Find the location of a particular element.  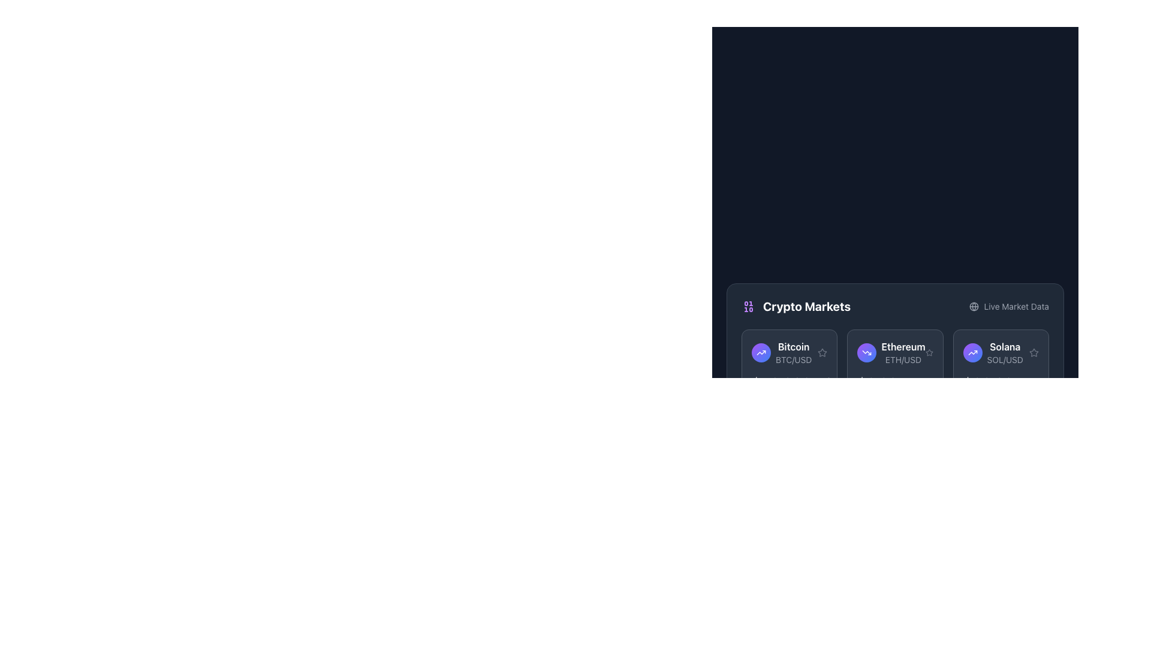

the header label in the 'Crypto Markets' section, which indicates the content or functionality of the related section, positioned next to an icon and other content is located at coordinates (806, 306).